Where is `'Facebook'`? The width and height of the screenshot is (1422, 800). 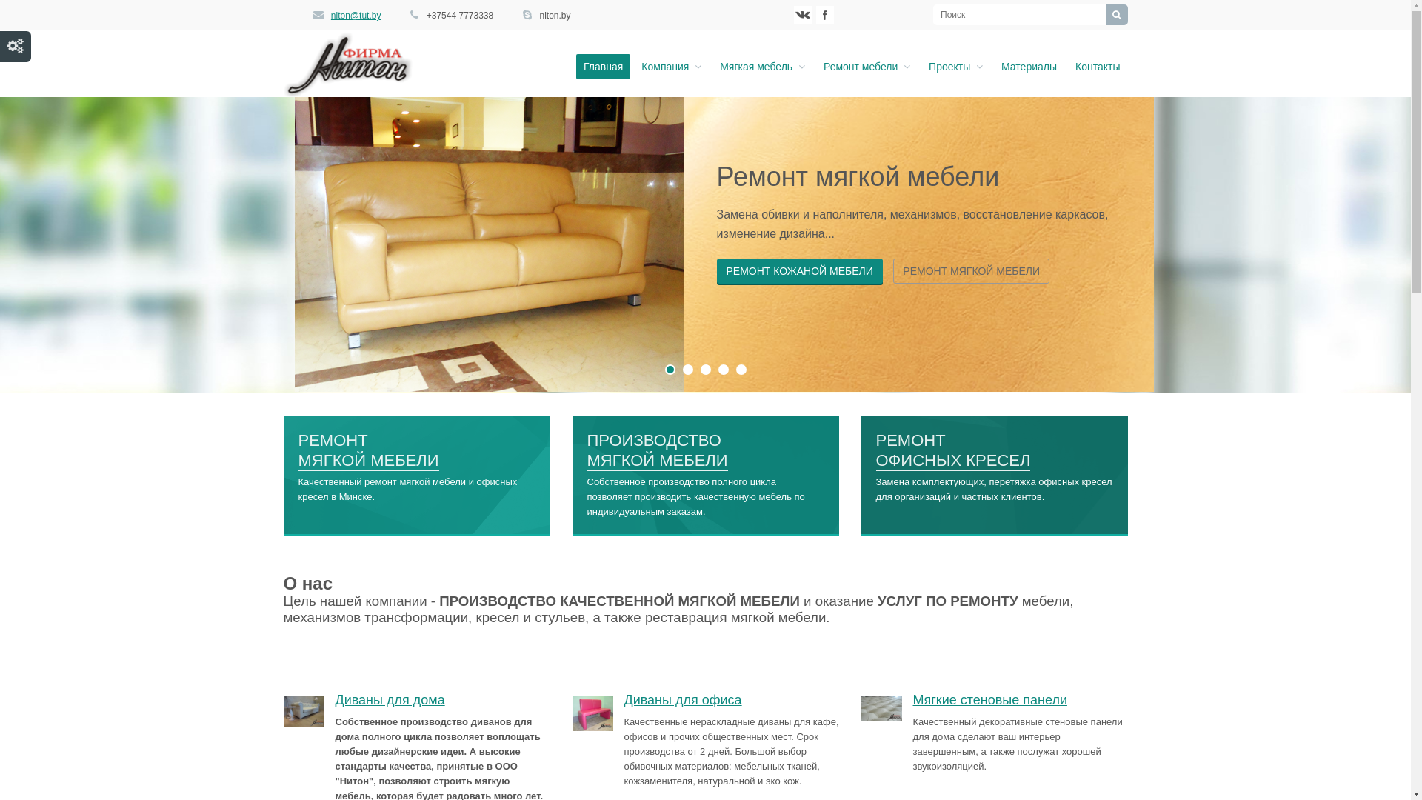 'Facebook' is located at coordinates (815, 14).